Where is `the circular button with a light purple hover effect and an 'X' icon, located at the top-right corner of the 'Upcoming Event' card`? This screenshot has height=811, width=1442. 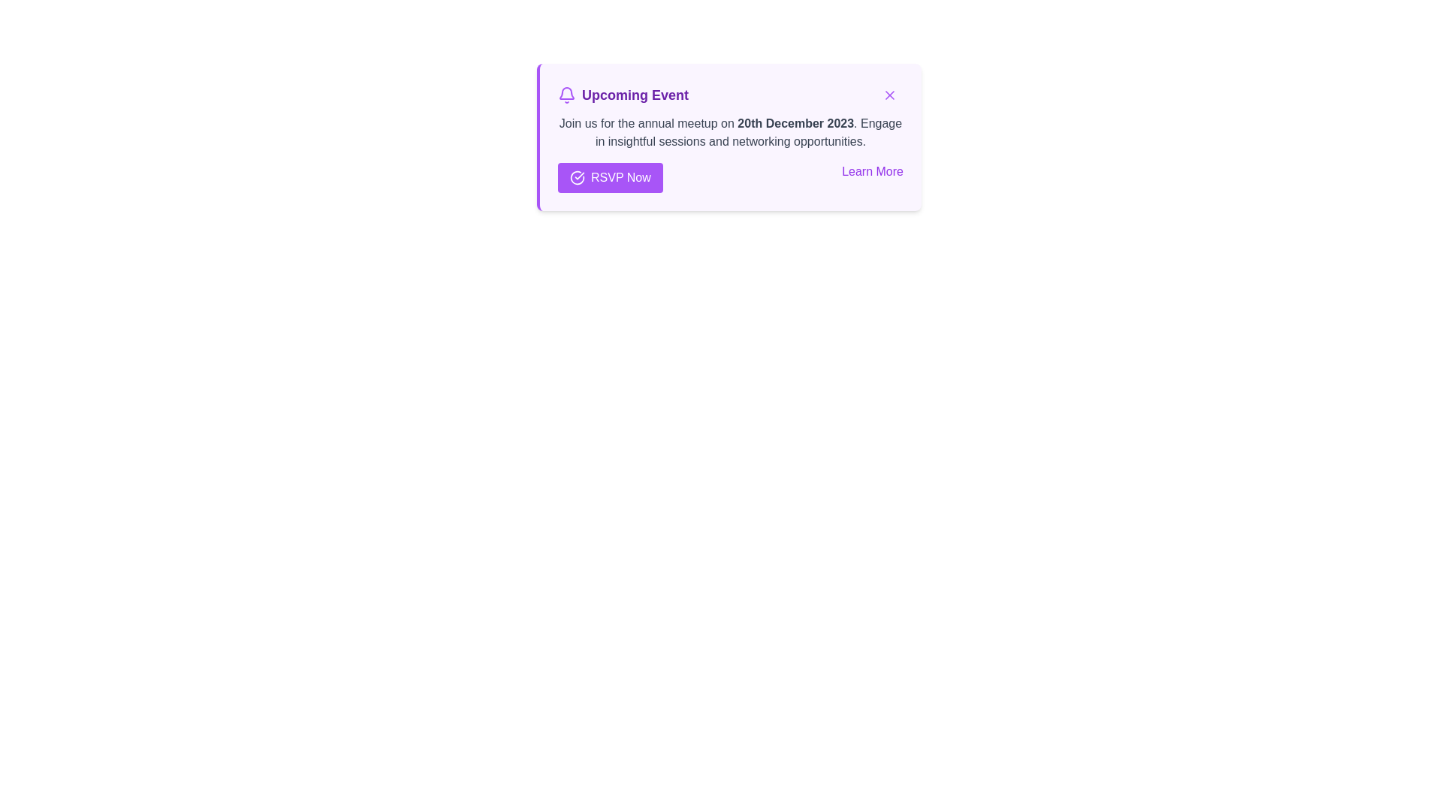
the circular button with a light purple hover effect and an 'X' icon, located at the top-right corner of the 'Upcoming Event' card is located at coordinates (890, 95).